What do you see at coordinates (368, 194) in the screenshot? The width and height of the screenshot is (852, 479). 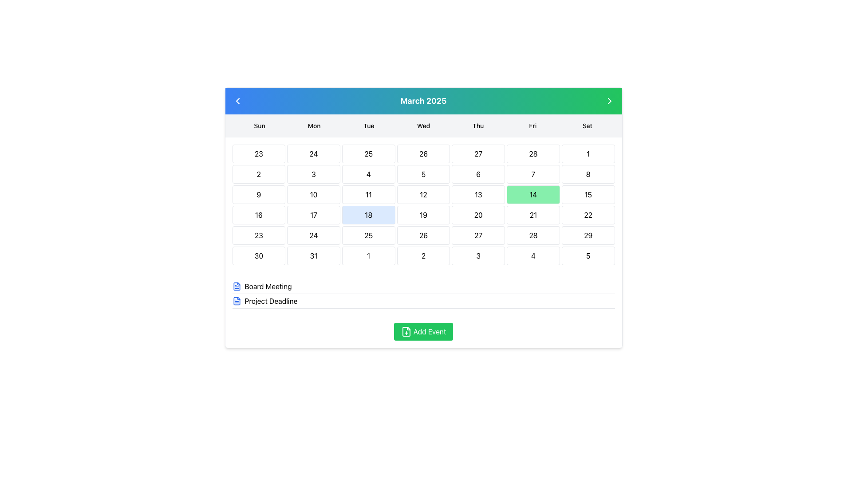 I see `the button representing the 11th day in the calendar view located in the fifth column and third row under the 'Tue' weekday header` at bounding box center [368, 194].